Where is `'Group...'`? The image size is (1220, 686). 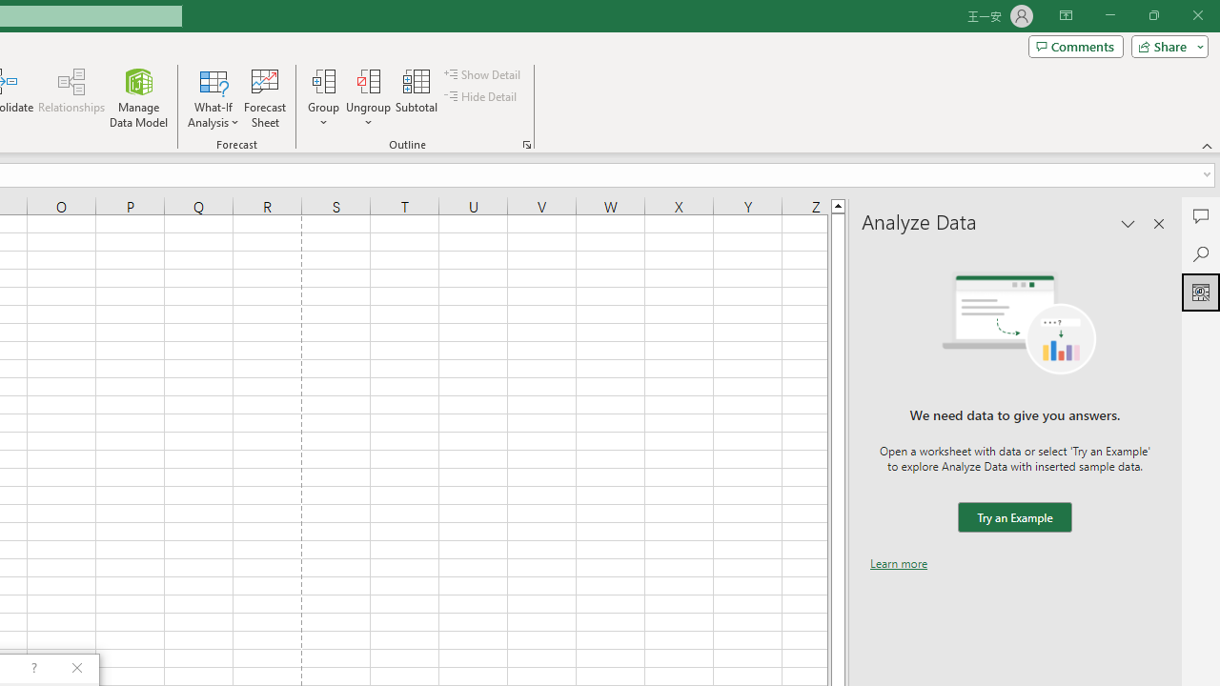 'Group...' is located at coordinates (323, 98).